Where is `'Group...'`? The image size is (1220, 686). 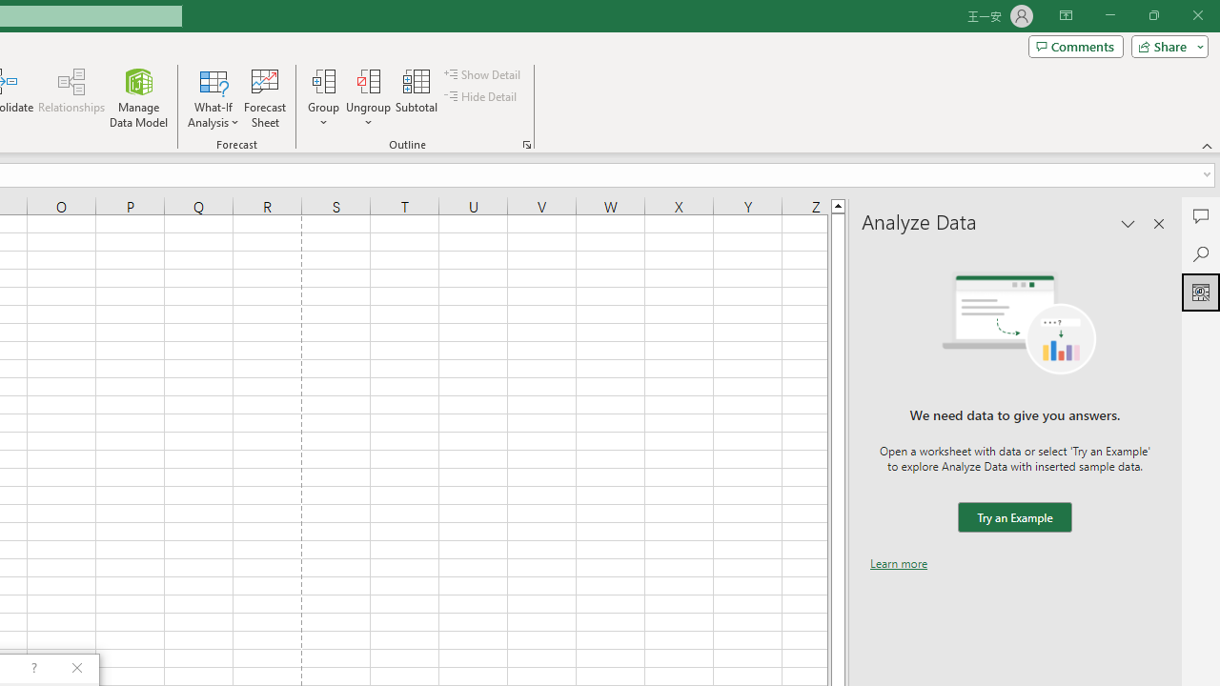 'Group...' is located at coordinates (323, 98).